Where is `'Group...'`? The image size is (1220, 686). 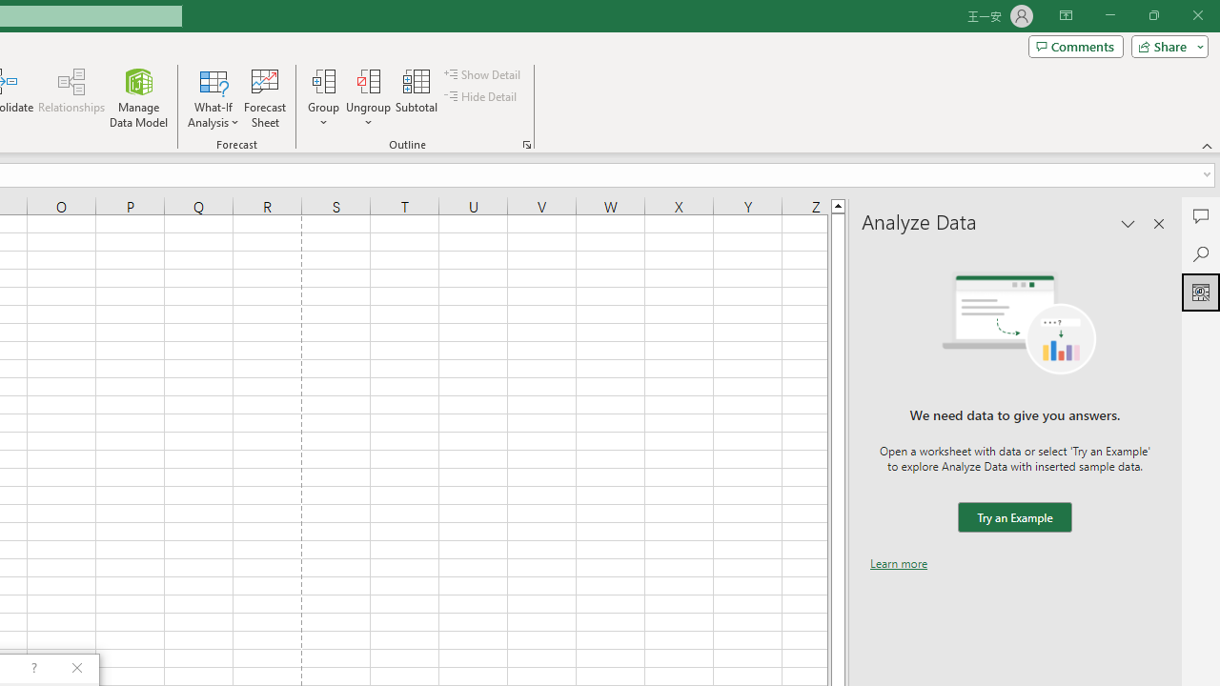 'Group...' is located at coordinates (323, 98).